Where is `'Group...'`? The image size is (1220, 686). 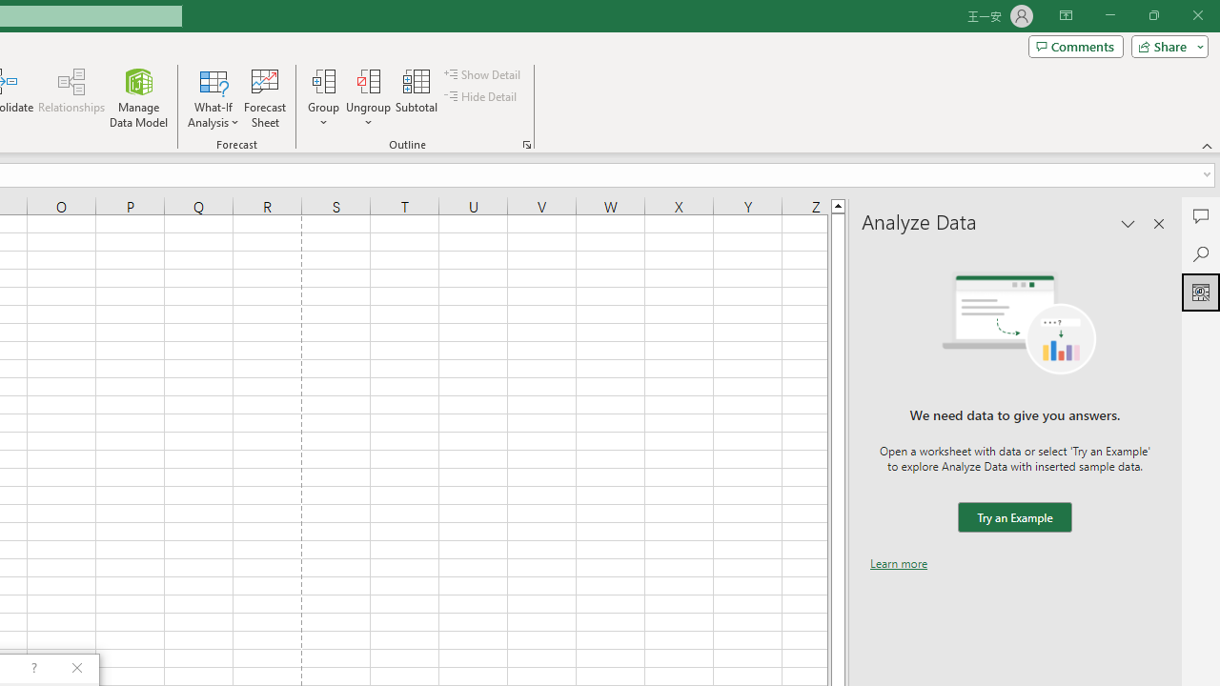 'Group...' is located at coordinates (323, 98).